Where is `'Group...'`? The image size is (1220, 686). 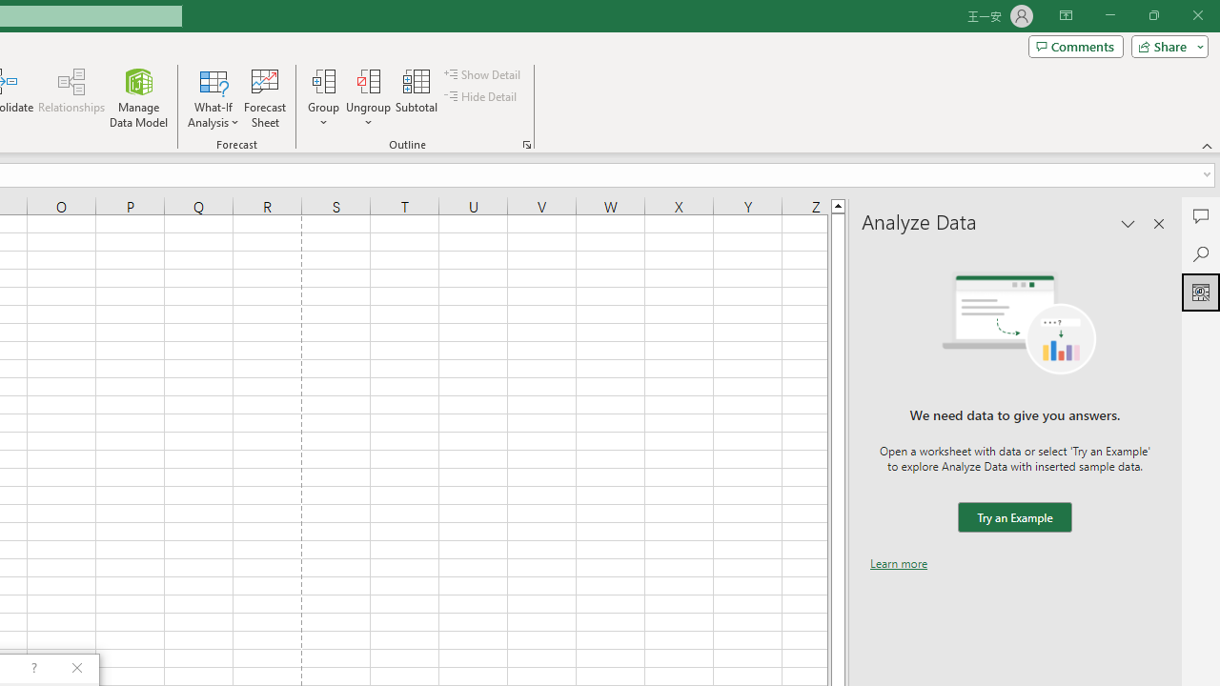 'Group...' is located at coordinates (323, 98).